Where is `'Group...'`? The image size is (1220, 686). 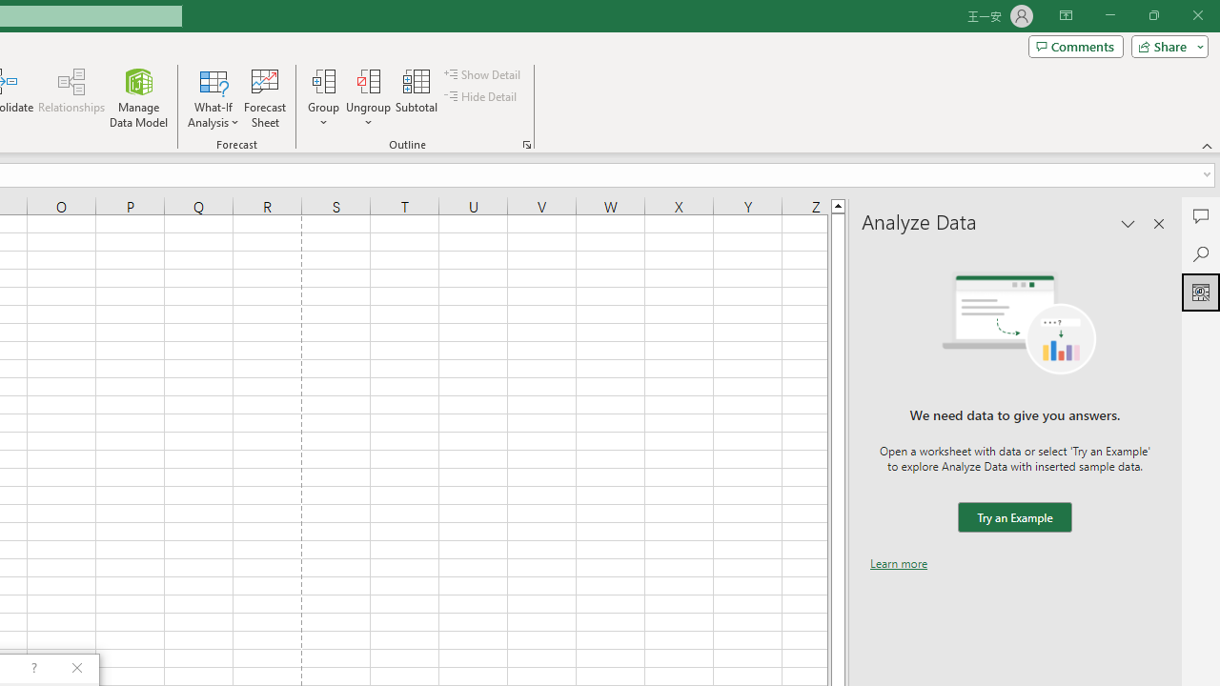 'Group...' is located at coordinates (323, 98).